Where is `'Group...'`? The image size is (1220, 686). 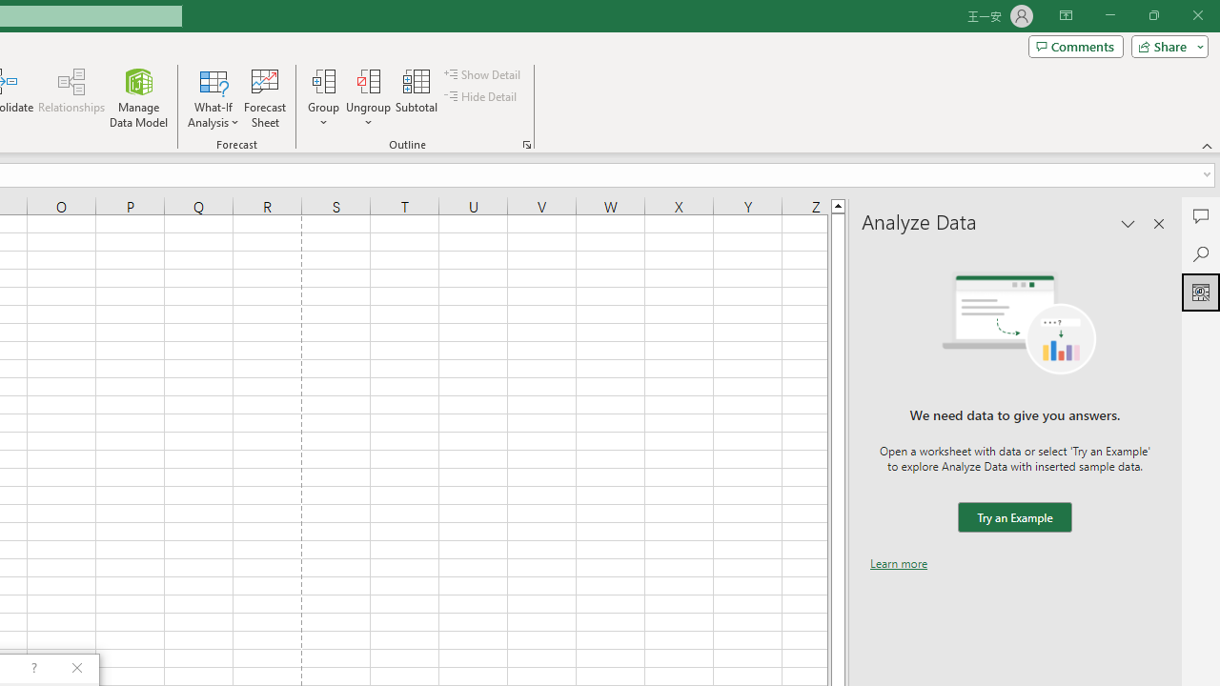 'Group...' is located at coordinates (323, 98).